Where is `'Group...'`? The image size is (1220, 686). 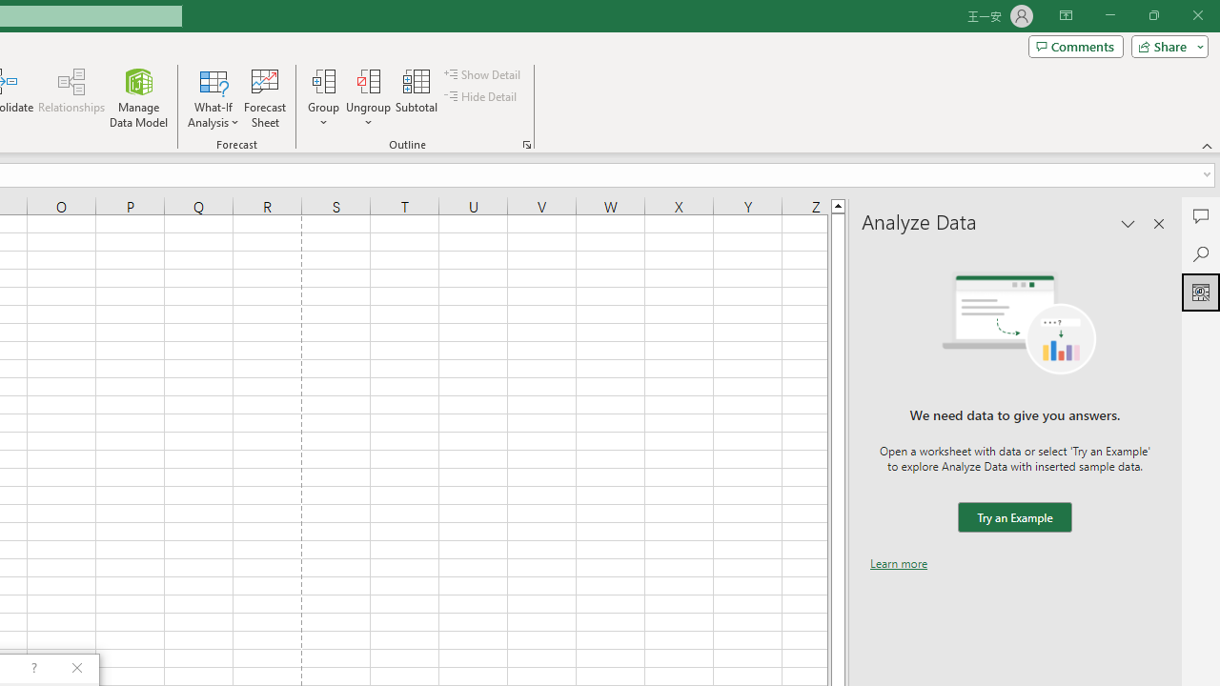 'Group...' is located at coordinates (323, 98).